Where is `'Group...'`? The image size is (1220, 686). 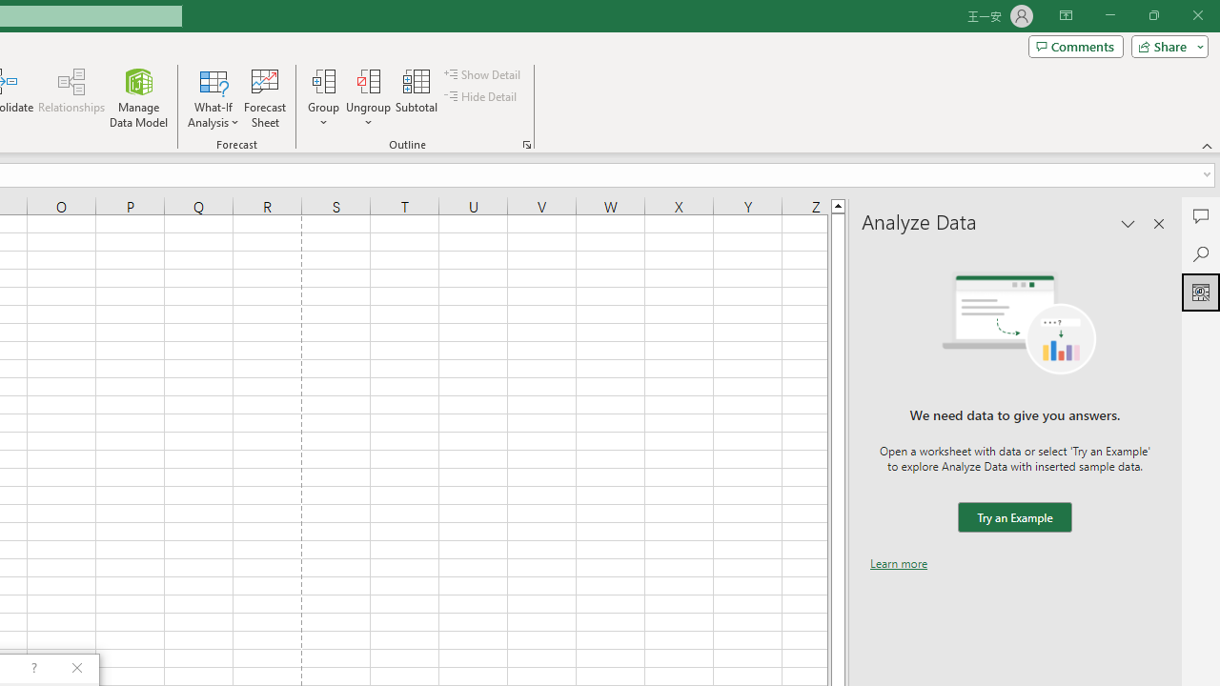 'Group...' is located at coordinates (323, 98).